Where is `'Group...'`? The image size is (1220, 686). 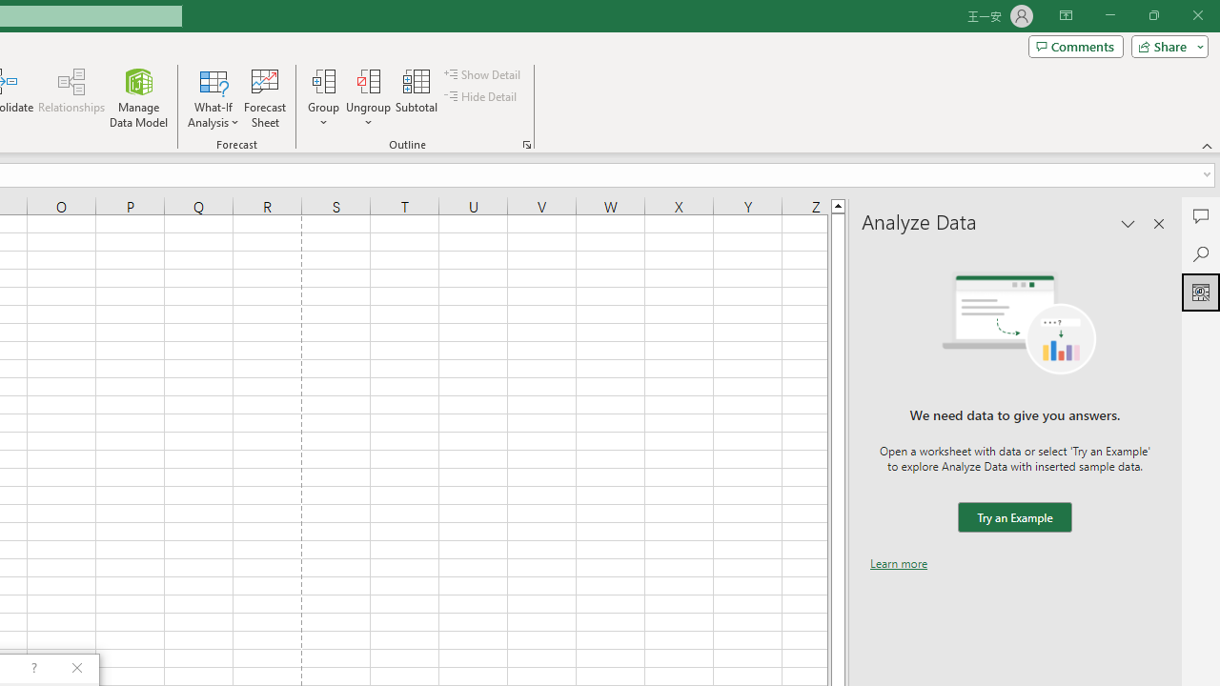 'Group...' is located at coordinates (323, 98).